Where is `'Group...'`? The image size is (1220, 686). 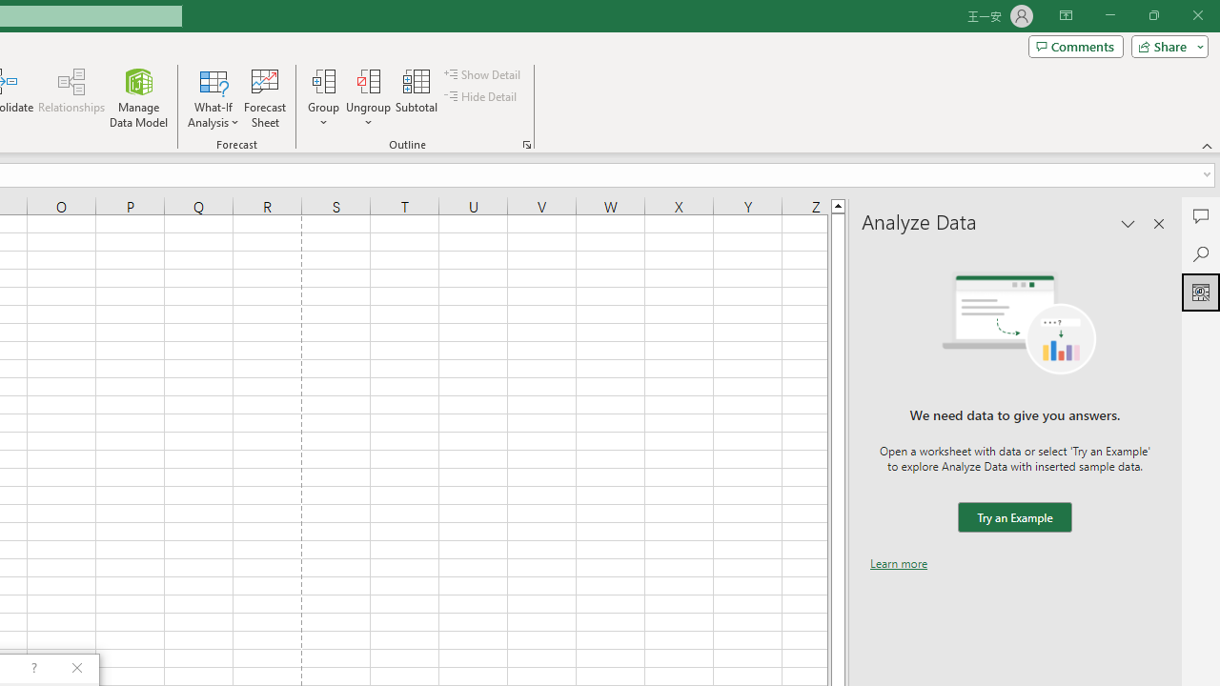 'Group...' is located at coordinates (323, 98).